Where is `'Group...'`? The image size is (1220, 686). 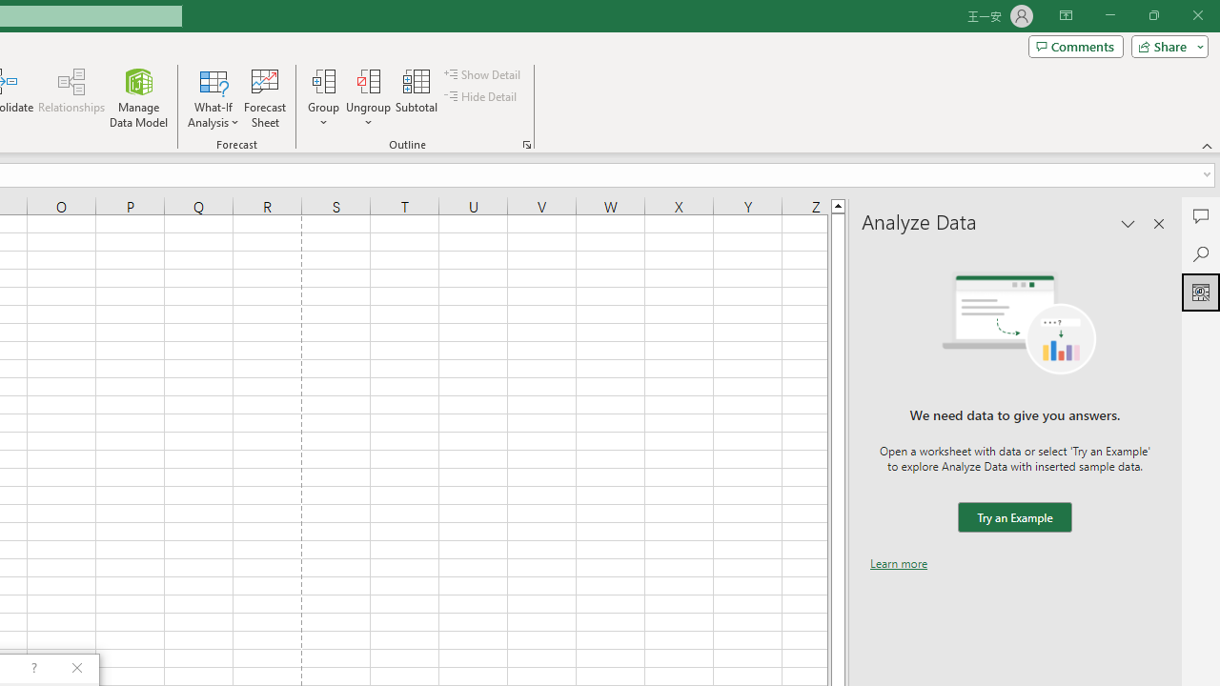 'Group...' is located at coordinates (323, 98).